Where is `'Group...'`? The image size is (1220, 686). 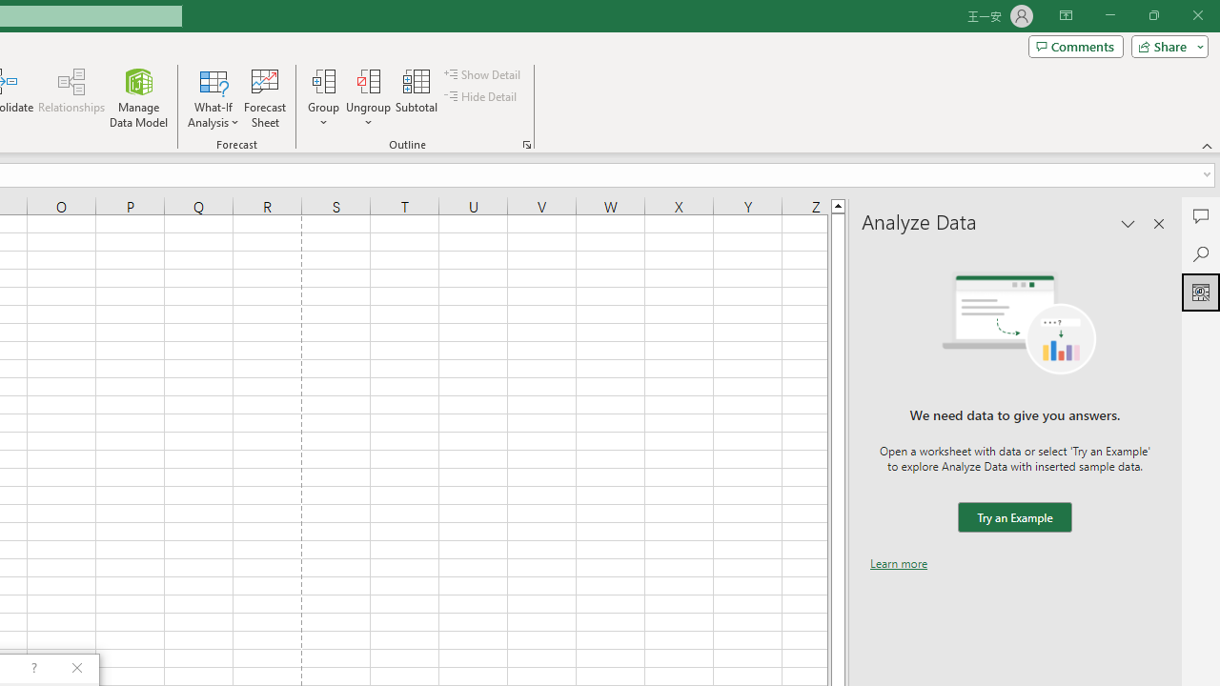 'Group...' is located at coordinates (323, 98).